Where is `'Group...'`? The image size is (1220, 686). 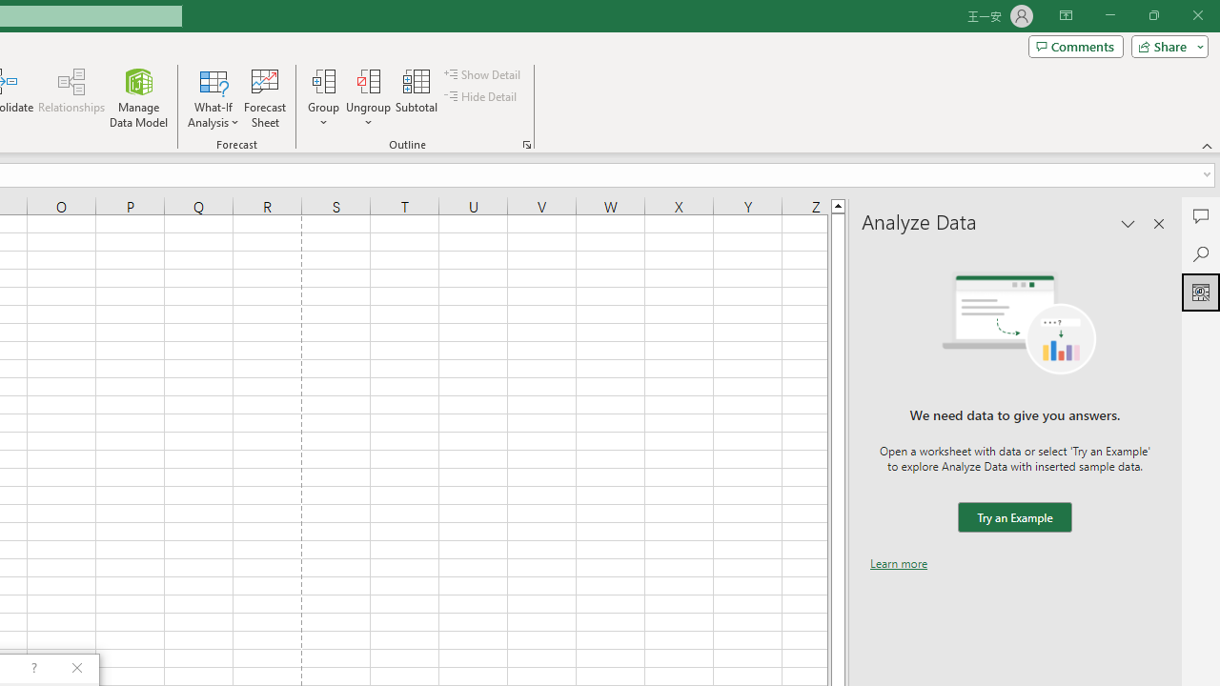 'Group...' is located at coordinates (323, 98).